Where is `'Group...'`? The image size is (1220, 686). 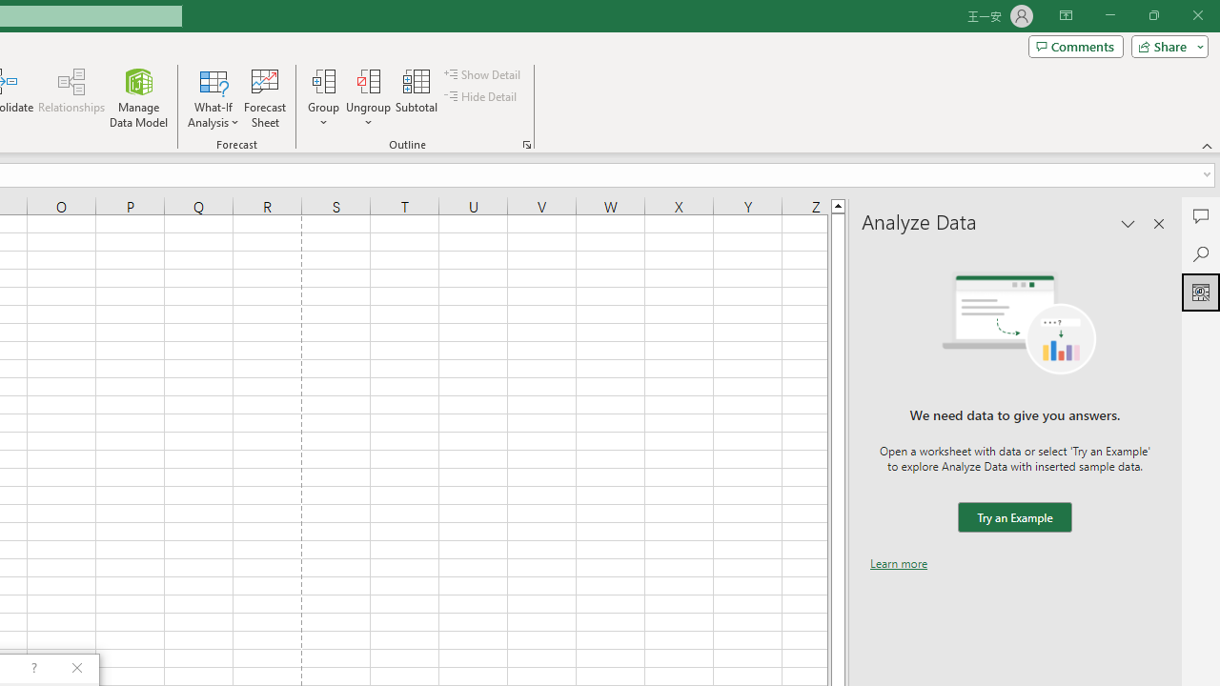 'Group...' is located at coordinates (323, 98).